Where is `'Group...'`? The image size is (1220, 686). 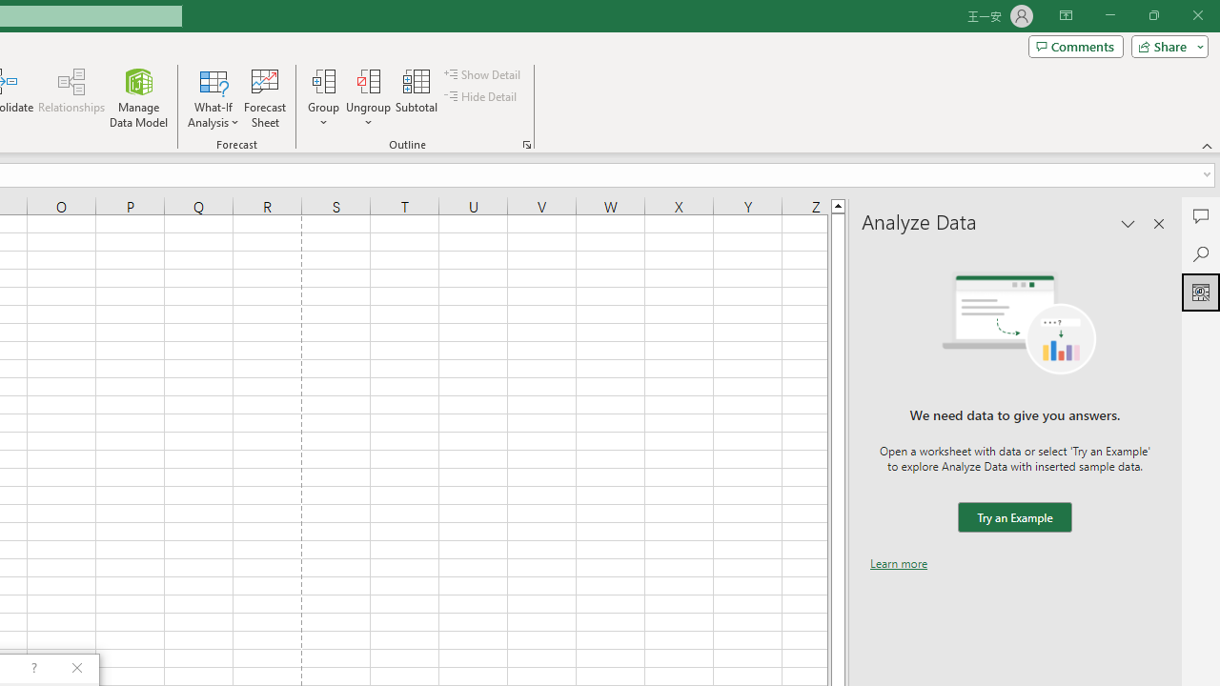 'Group...' is located at coordinates (323, 98).